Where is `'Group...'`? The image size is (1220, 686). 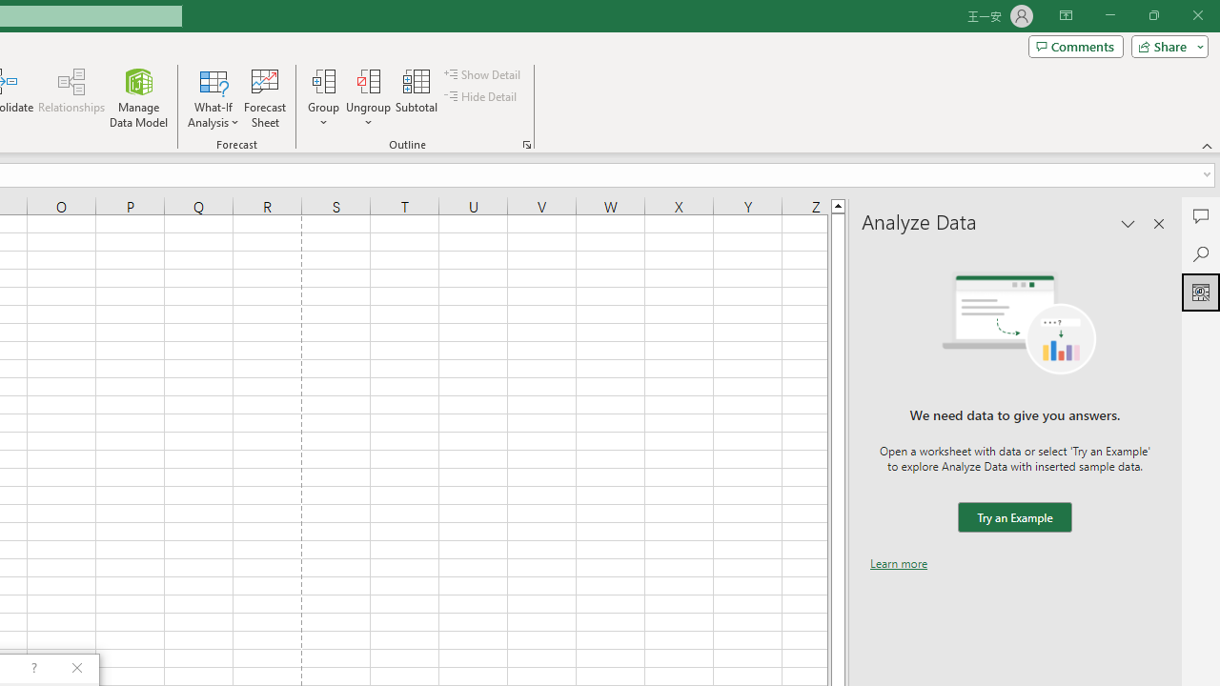 'Group...' is located at coordinates (323, 98).